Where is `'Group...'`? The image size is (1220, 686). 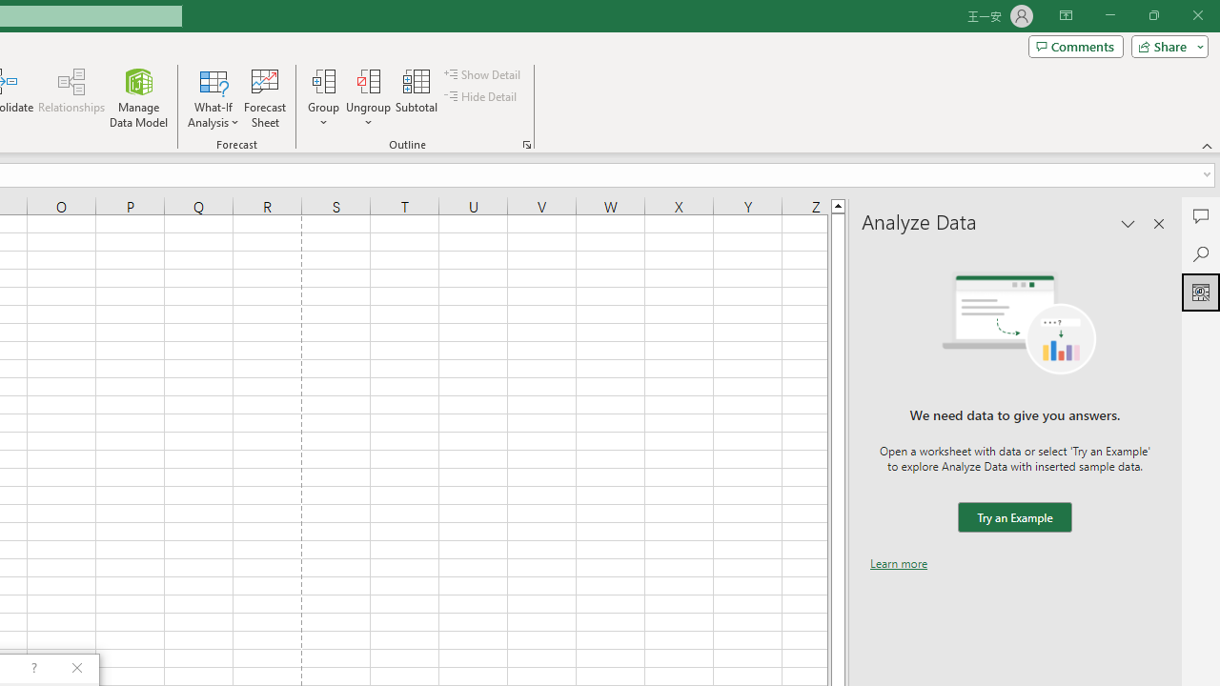 'Group...' is located at coordinates (323, 98).